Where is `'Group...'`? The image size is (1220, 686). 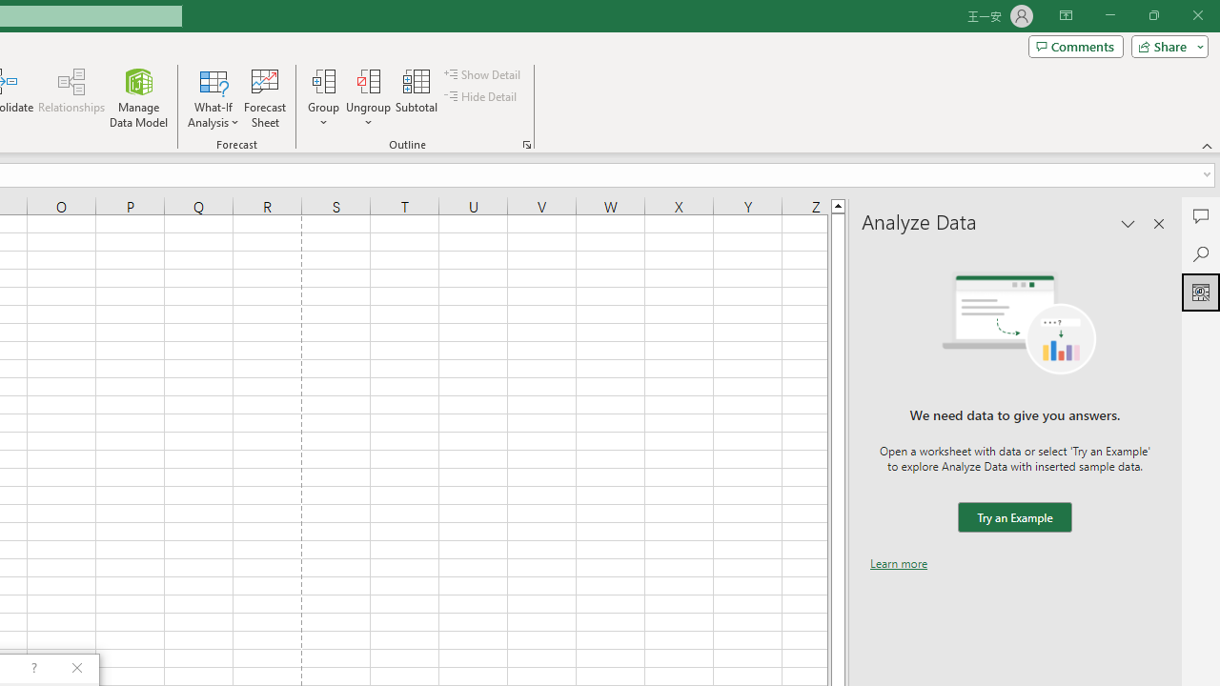 'Group...' is located at coordinates (323, 98).